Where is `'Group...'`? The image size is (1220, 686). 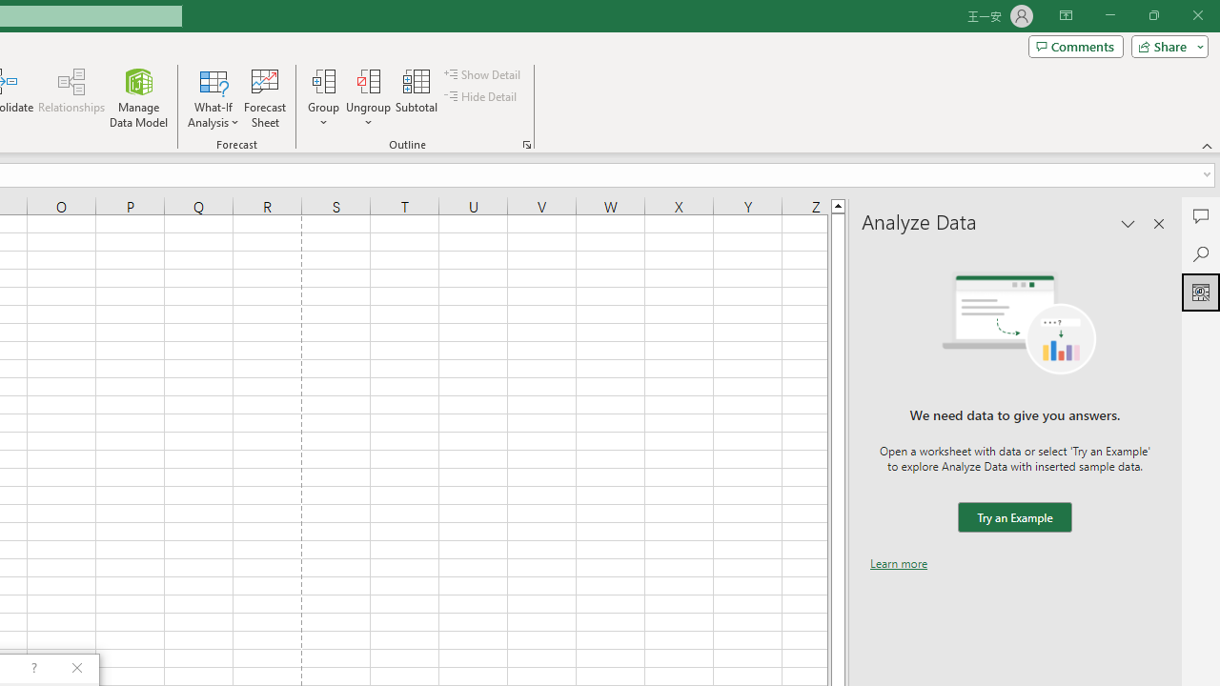 'Group...' is located at coordinates (323, 98).